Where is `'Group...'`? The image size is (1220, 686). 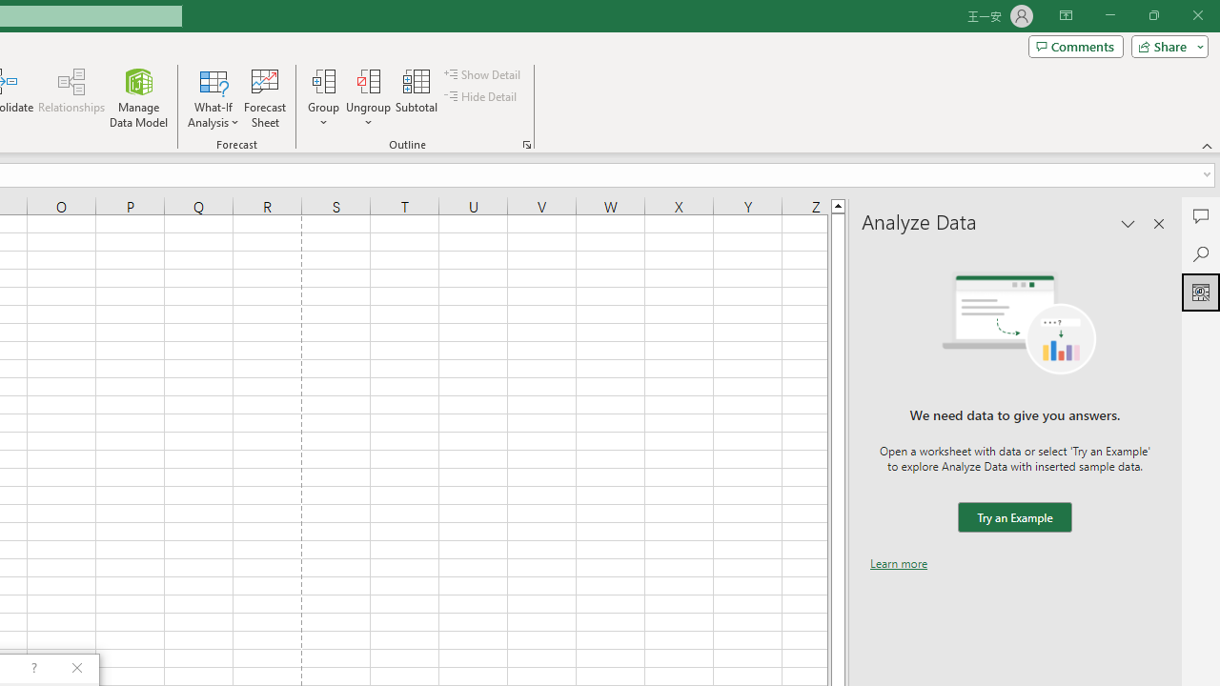 'Group...' is located at coordinates (323, 98).